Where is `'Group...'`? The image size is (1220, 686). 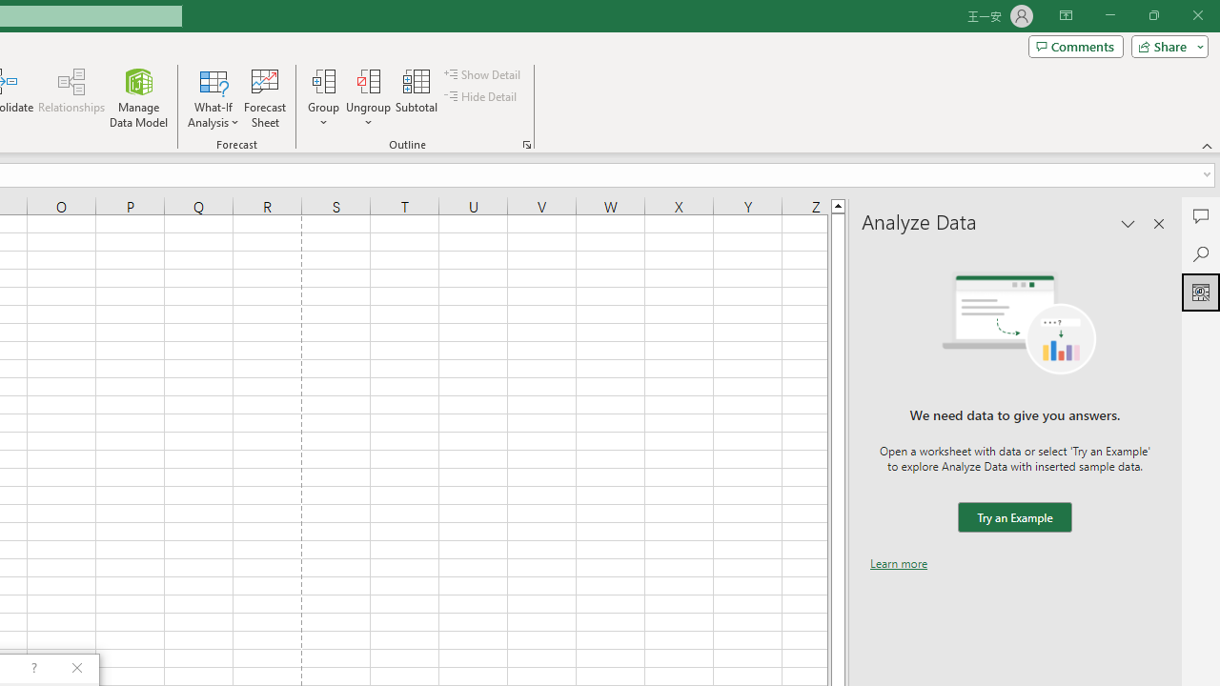 'Group...' is located at coordinates (323, 98).